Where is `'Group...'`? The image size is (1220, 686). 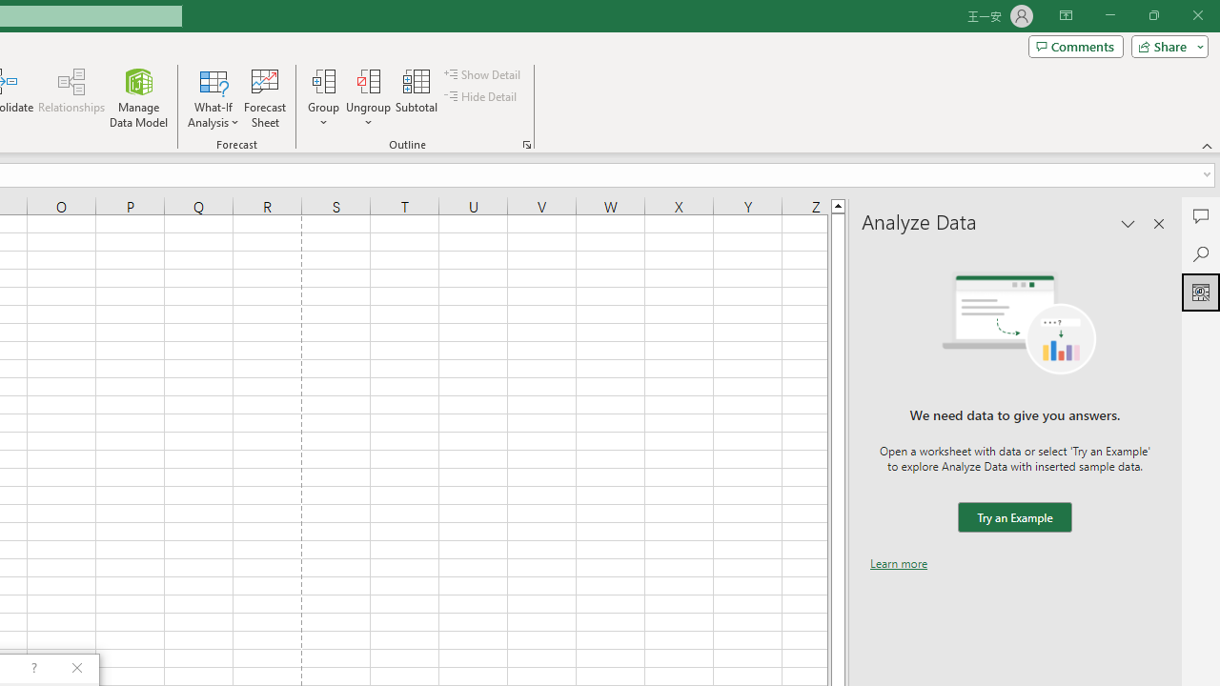 'Group...' is located at coordinates (323, 98).